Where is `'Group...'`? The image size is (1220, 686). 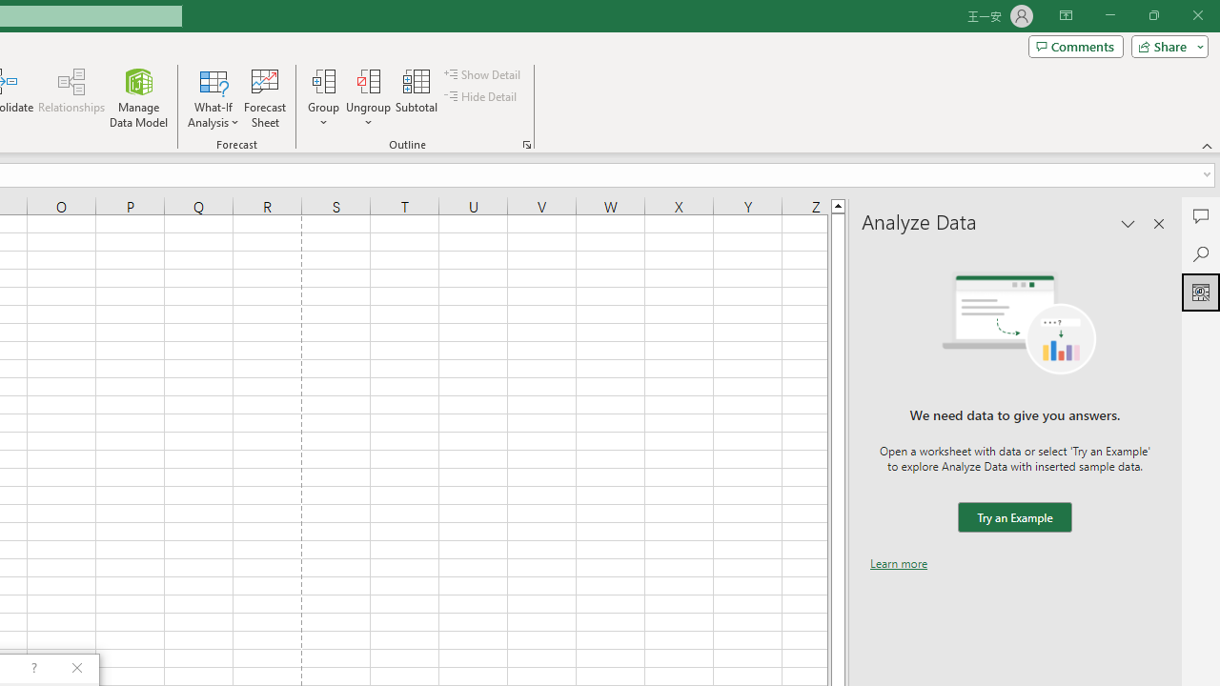 'Group...' is located at coordinates (323, 98).